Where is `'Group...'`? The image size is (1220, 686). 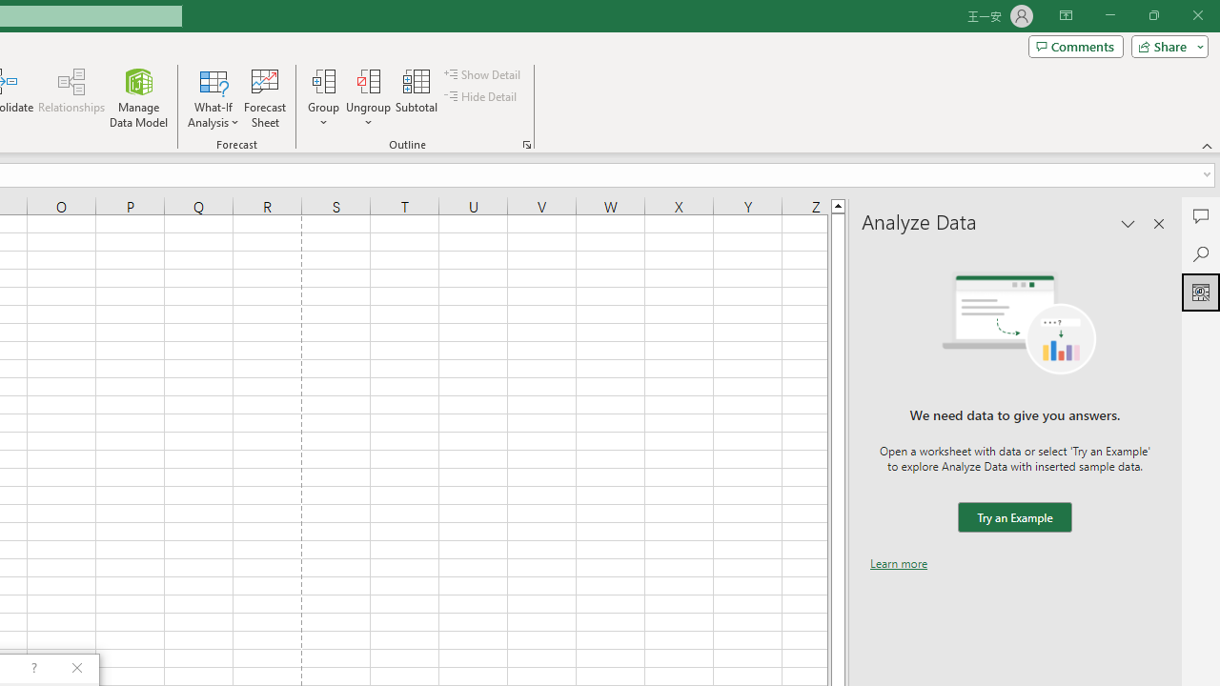 'Group...' is located at coordinates (323, 98).